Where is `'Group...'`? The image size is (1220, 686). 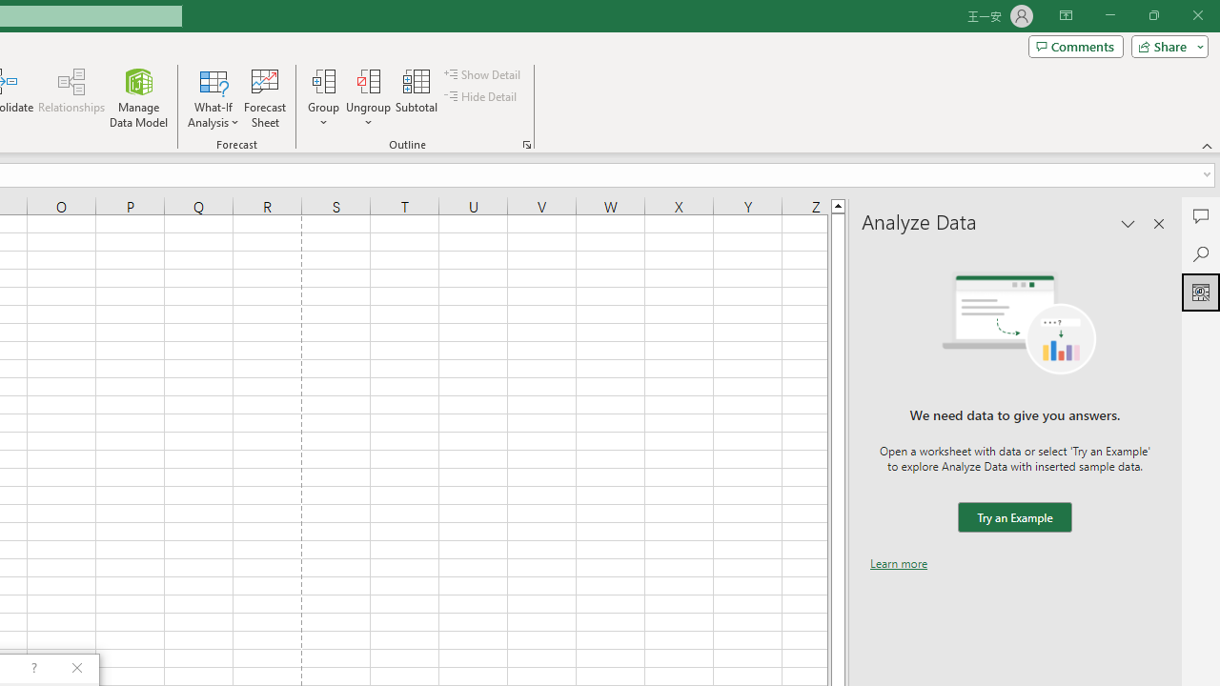 'Group...' is located at coordinates (323, 98).